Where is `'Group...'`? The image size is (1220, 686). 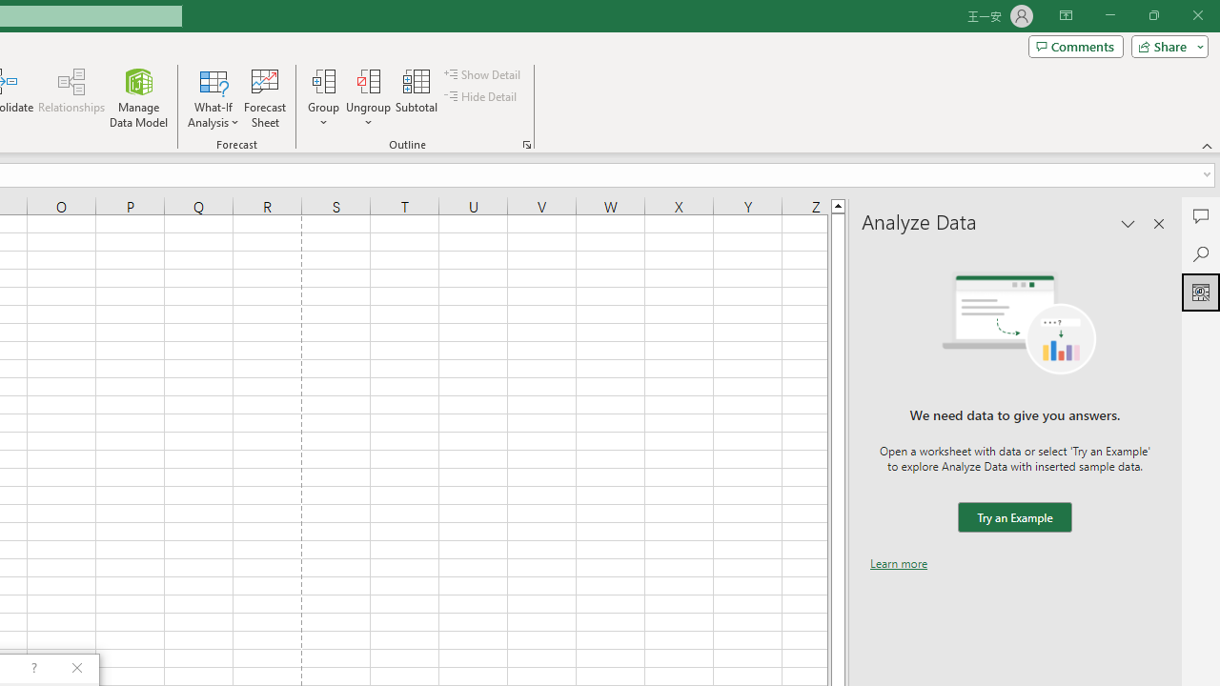 'Group...' is located at coordinates (323, 98).